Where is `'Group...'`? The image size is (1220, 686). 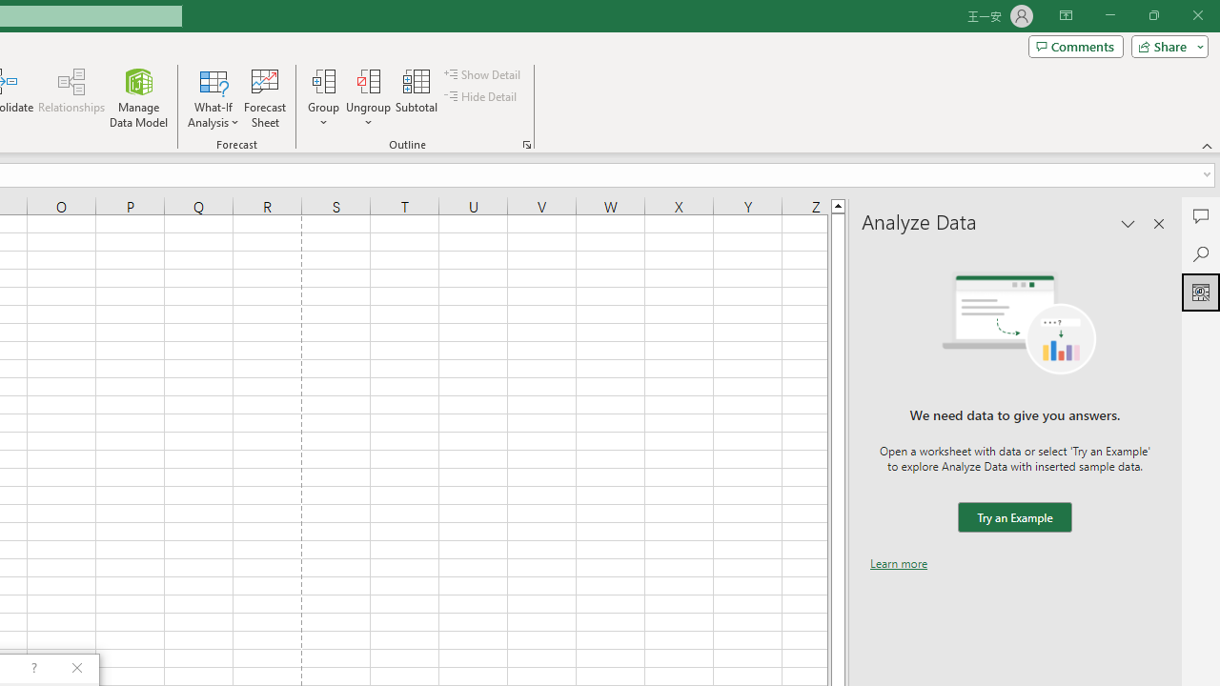 'Group...' is located at coordinates (323, 98).